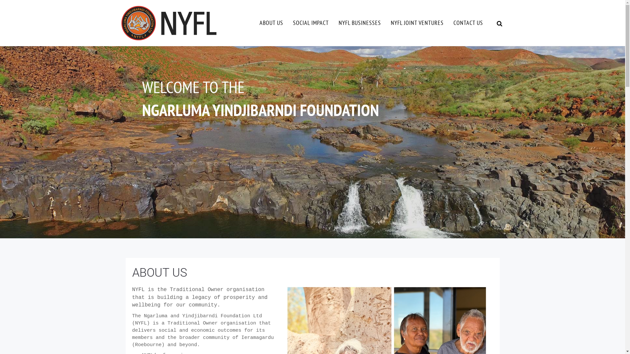 The image size is (630, 354). Describe the element at coordinates (417, 22) in the screenshot. I see `'NYFL JOINT VENTURES'` at that location.